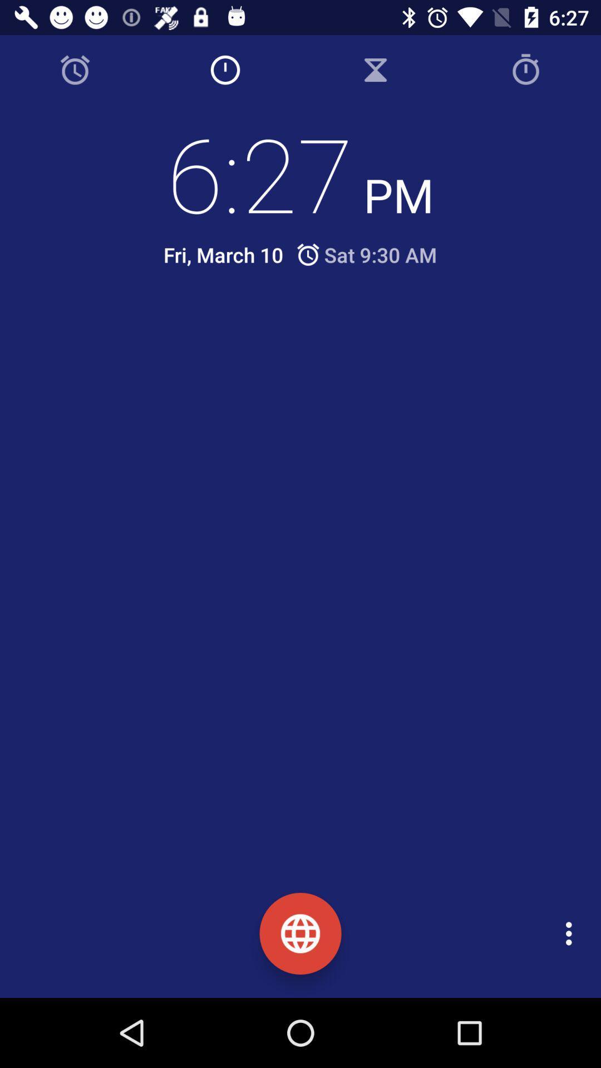  I want to click on icon to the left of the sat 9 30 item, so click(223, 254).